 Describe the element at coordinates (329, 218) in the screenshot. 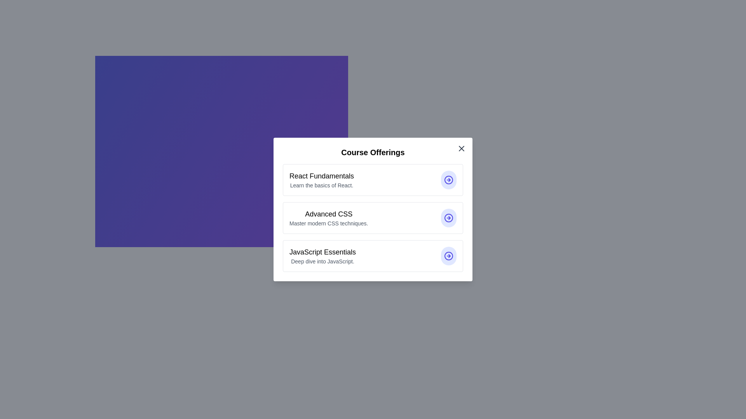

I see `the 'Advanced CSS' course text component from its current position` at that location.